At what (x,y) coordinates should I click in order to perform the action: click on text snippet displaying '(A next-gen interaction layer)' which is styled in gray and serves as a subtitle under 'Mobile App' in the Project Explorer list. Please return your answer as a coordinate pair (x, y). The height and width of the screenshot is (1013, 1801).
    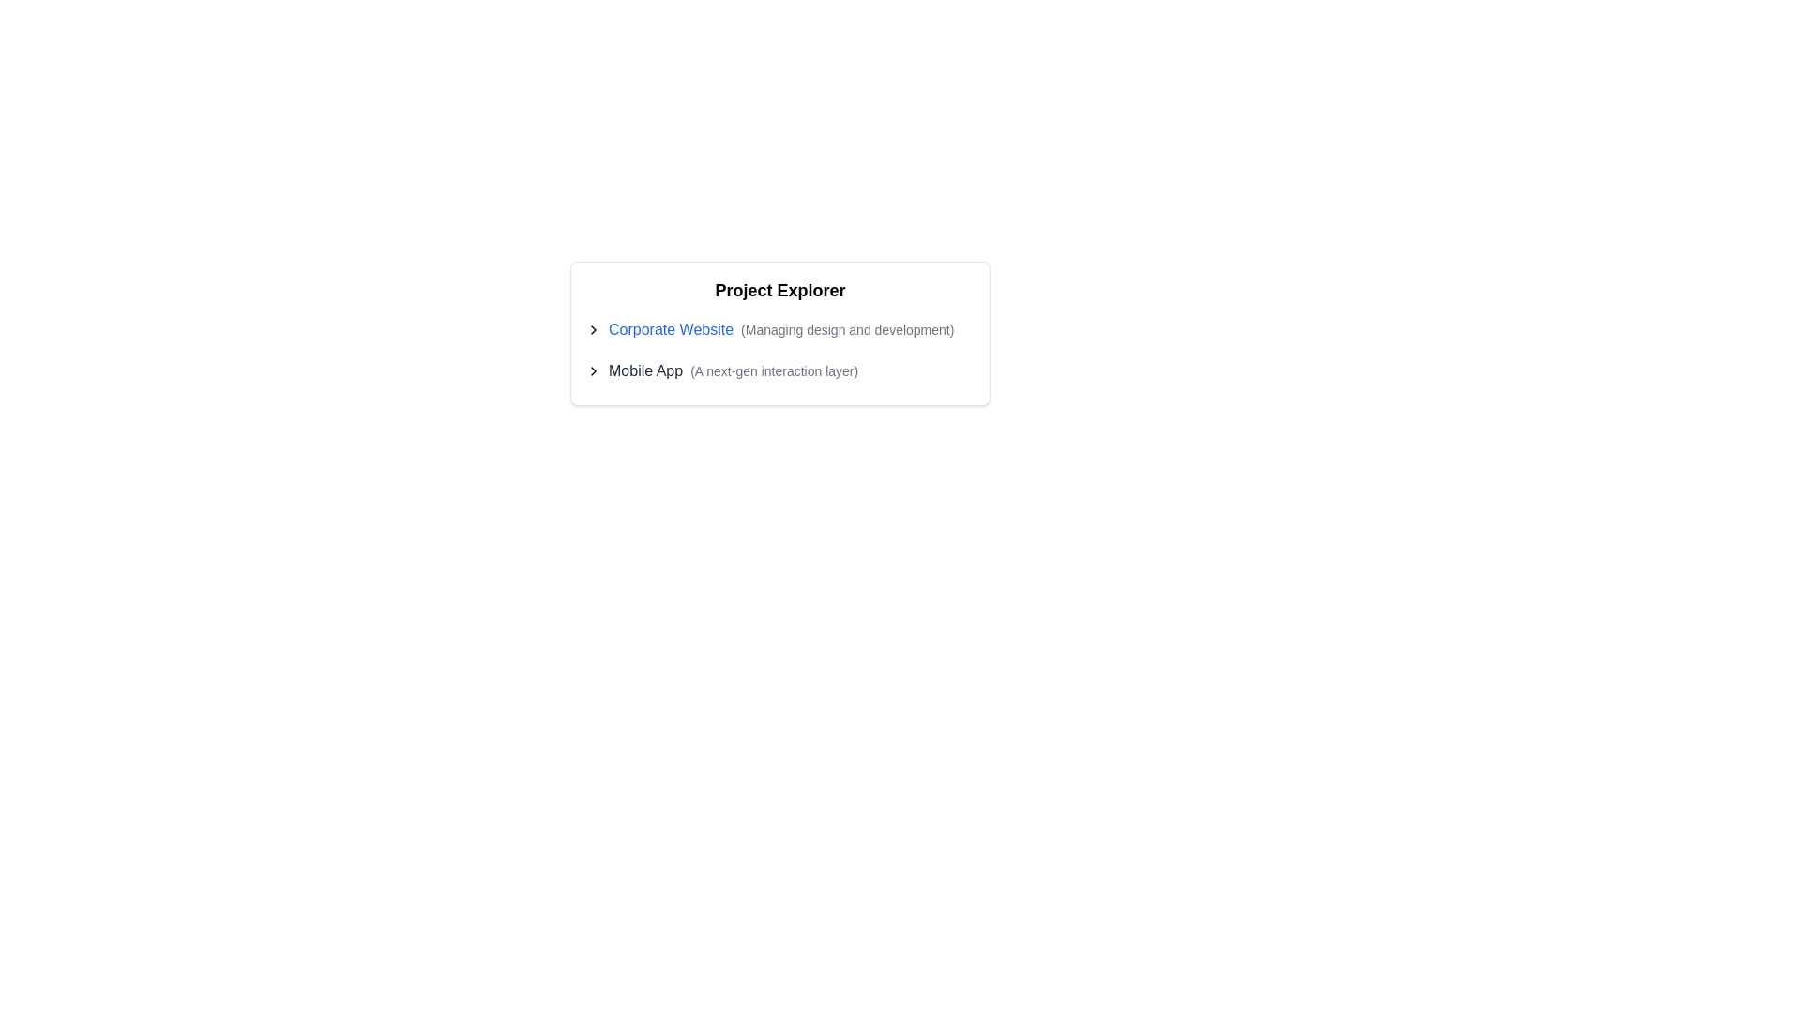
    Looking at the image, I should click on (774, 371).